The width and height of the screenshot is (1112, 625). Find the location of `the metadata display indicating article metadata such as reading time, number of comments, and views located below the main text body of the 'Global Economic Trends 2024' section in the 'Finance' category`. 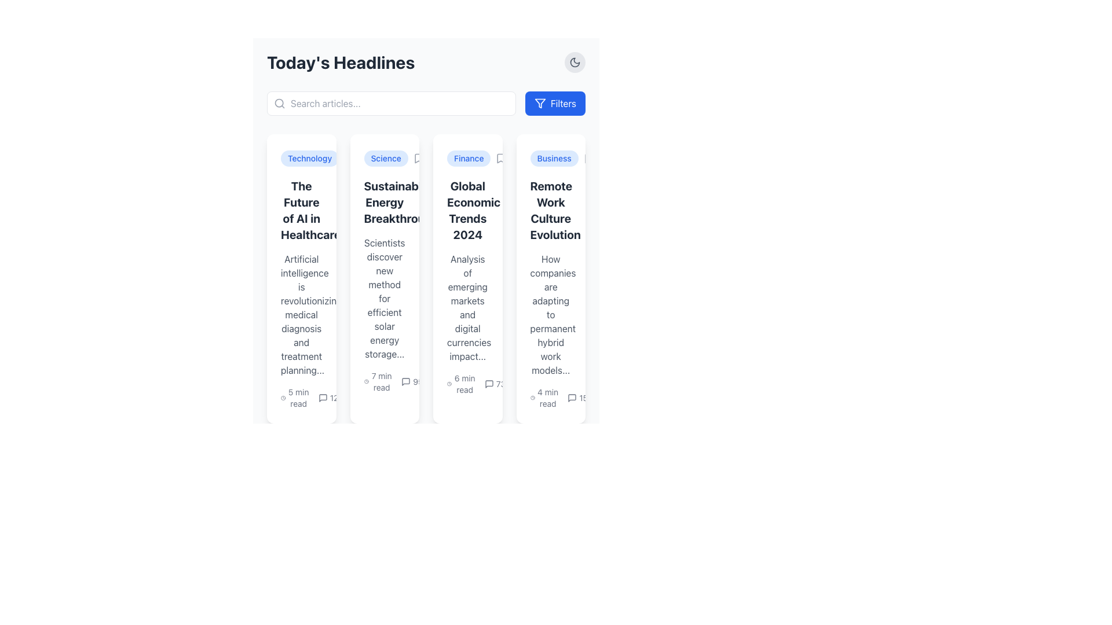

the metadata display indicating article metadata such as reading time, number of comments, and views located below the main text body of the 'Global Economic Trends 2024' section in the 'Finance' category is located at coordinates (467, 384).